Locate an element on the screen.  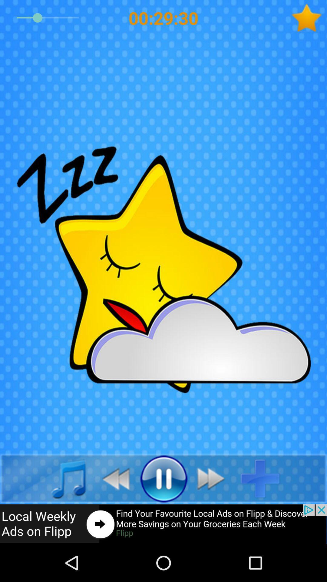
the pause icon is located at coordinates (163, 478).